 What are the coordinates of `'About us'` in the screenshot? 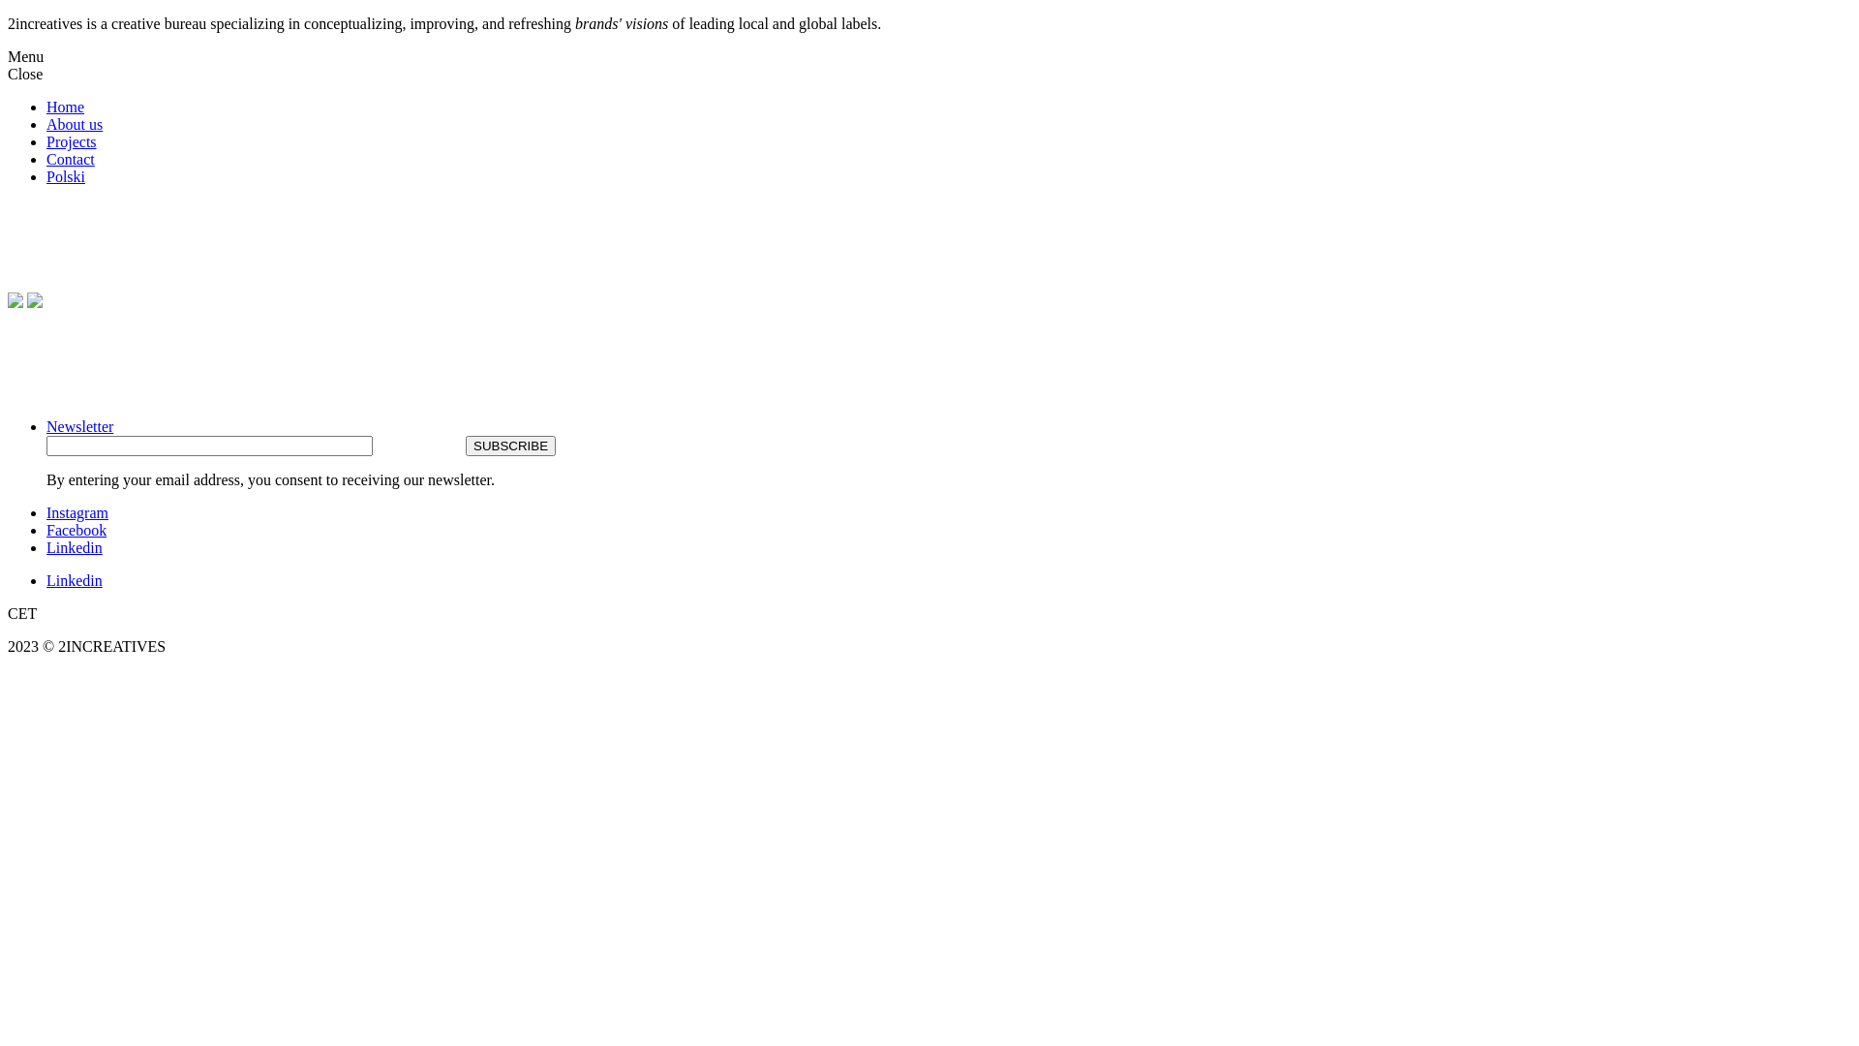 It's located at (74, 124).